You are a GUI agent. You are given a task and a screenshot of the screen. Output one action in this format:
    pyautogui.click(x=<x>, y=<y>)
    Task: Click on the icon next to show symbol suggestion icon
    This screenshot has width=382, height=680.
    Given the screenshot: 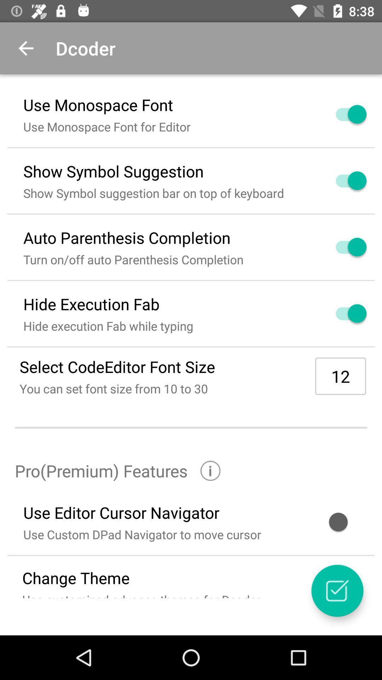 What is the action you would take?
    pyautogui.click(x=342, y=181)
    